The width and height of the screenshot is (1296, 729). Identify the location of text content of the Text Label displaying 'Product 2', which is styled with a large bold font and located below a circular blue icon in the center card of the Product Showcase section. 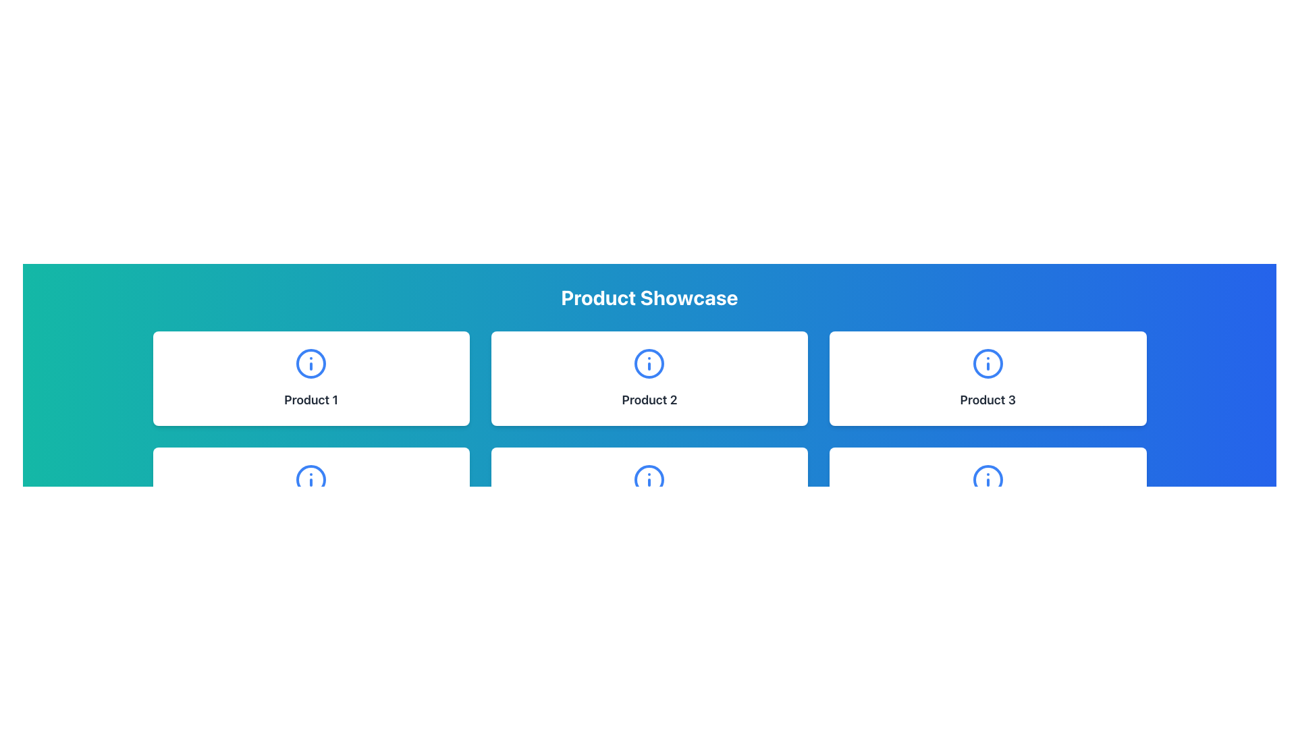
(649, 400).